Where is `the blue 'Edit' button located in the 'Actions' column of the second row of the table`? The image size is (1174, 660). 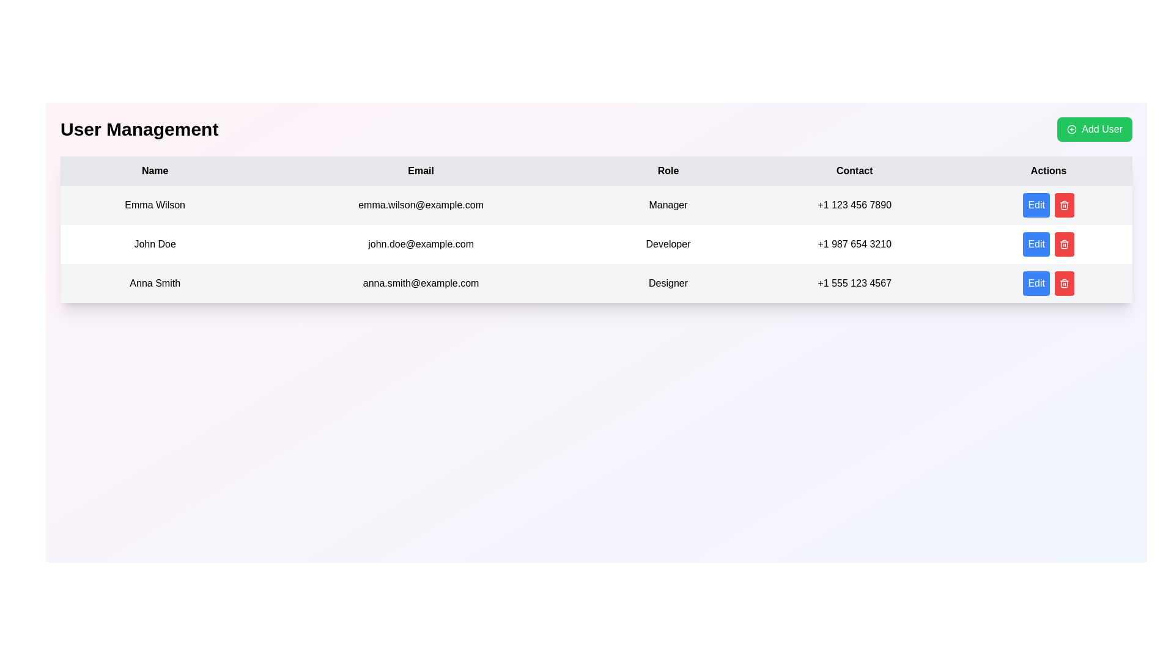 the blue 'Edit' button located in the 'Actions' column of the second row of the table is located at coordinates (1035, 244).